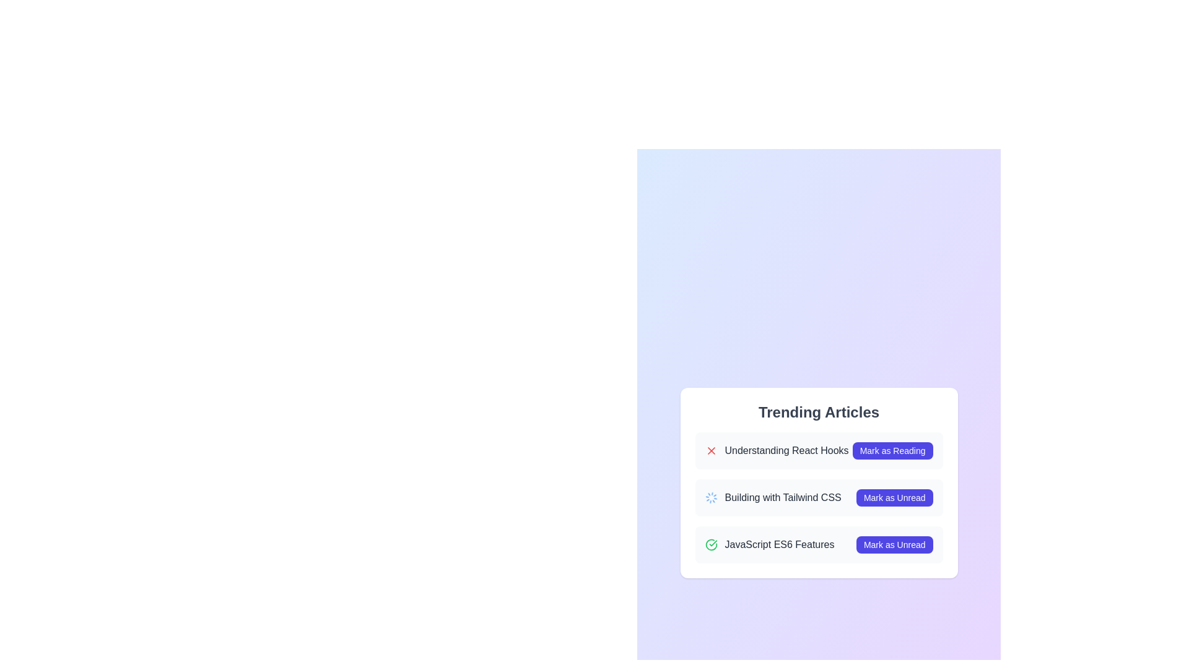  What do you see at coordinates (776, 451) in the screenshot?
I see `the text 'Understanding React Hooks' located in the first row of the 'Trending Articles' section` at bounding box center [776, 451].